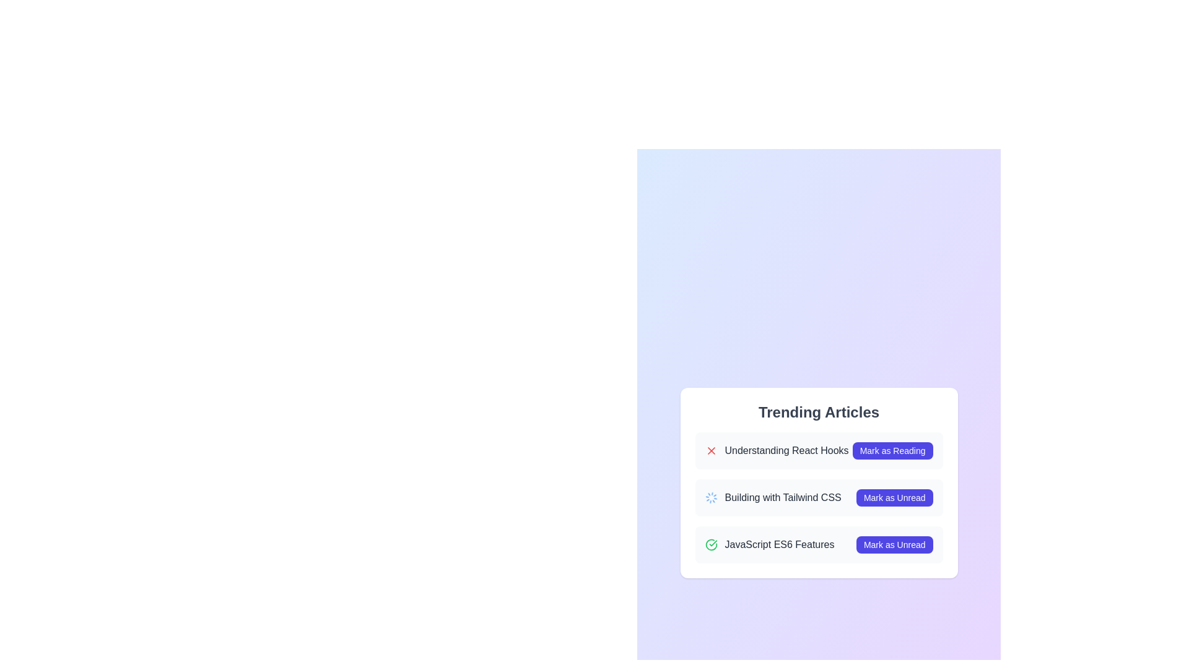  What do you see at coordinates (776, 451) in the screenshot?
I see `the text 'Understanding React Hooks' located in the first row of the 'Trending Articles' section` at bounding box center [776, 451].